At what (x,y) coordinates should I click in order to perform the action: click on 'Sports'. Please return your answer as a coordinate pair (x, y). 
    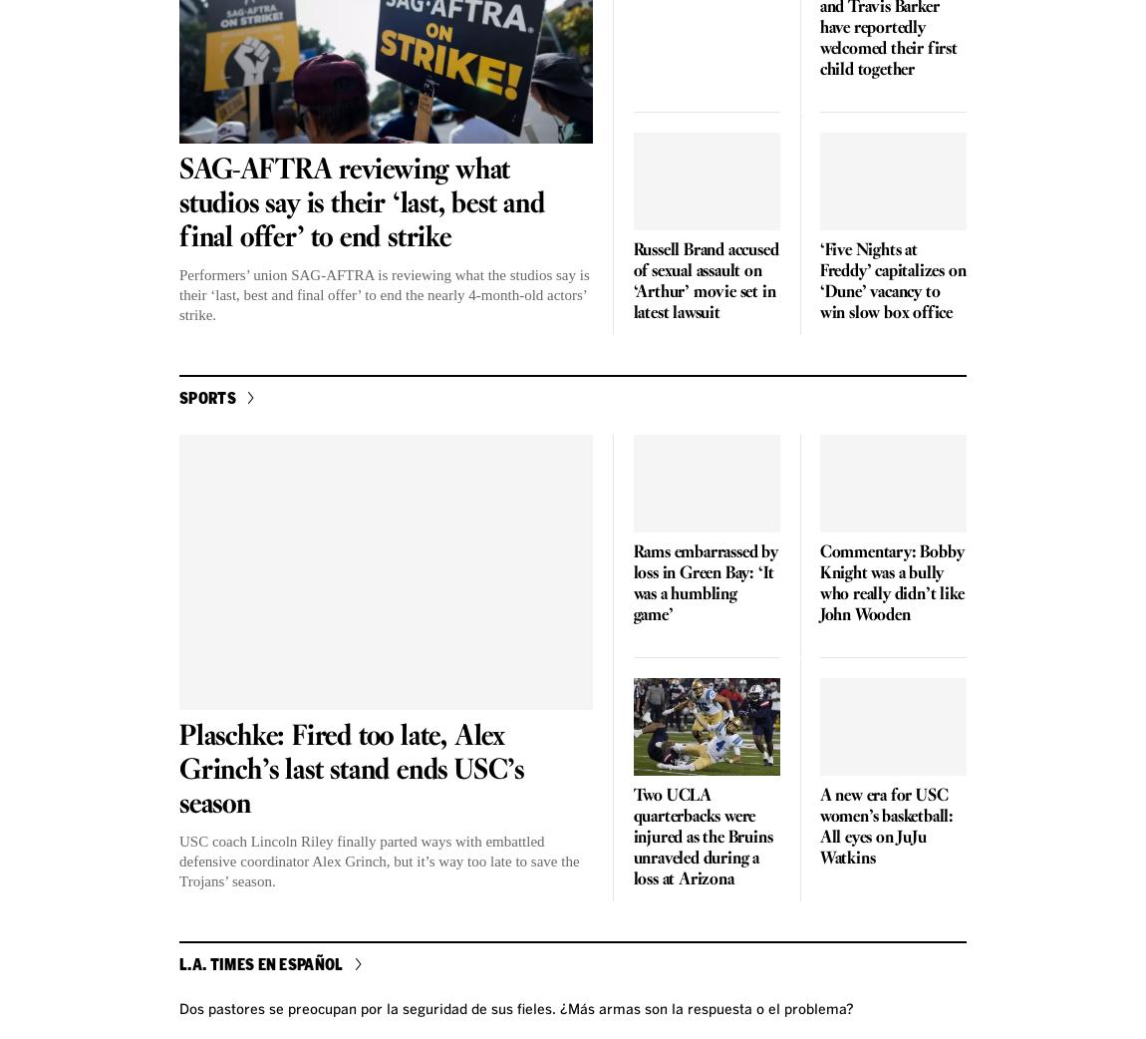
    Looking at the image, I should click on (206, 396).